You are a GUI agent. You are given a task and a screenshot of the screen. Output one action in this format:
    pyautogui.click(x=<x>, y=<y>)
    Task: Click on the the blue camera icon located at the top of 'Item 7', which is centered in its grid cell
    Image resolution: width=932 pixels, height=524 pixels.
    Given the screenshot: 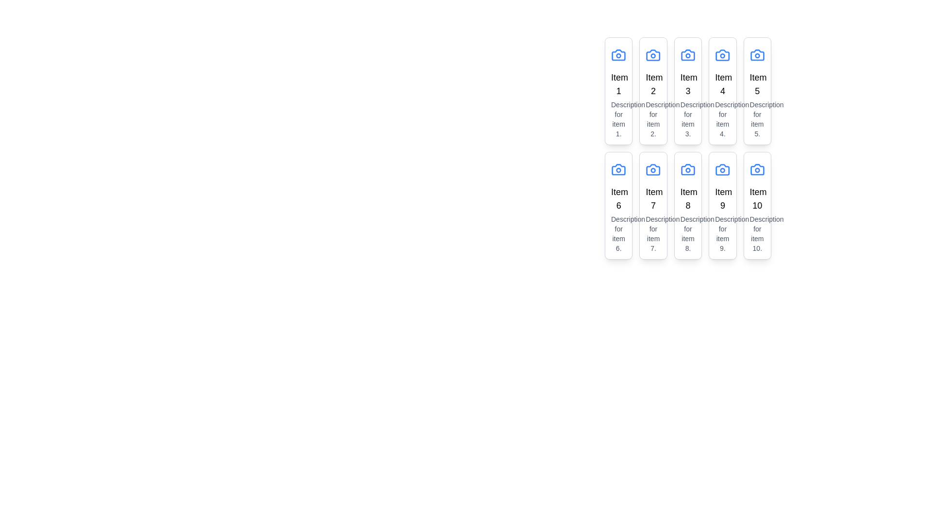 What is the action you would take?
    pyautogui.click(x=653, y=169)
    